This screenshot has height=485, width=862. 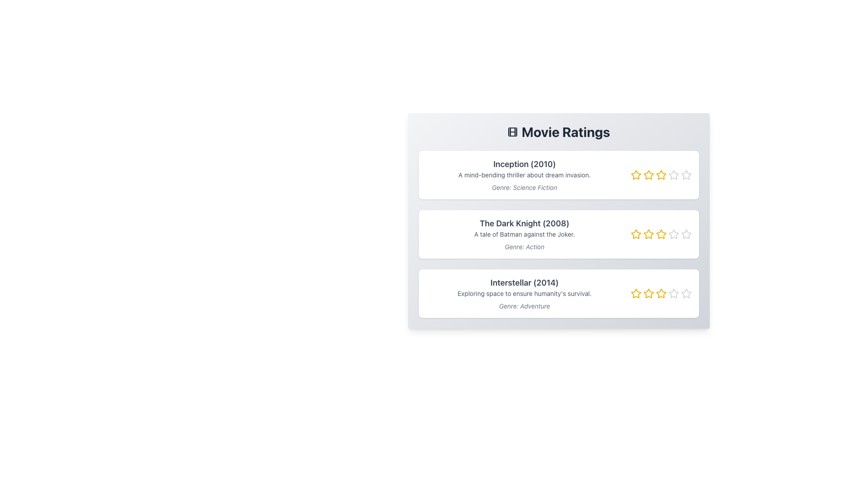 I want to click on the fourth star in the five-star rating interface for the movie 'Inception (2010)', which allows users to select or view the rating, so click(x=673, y=175).